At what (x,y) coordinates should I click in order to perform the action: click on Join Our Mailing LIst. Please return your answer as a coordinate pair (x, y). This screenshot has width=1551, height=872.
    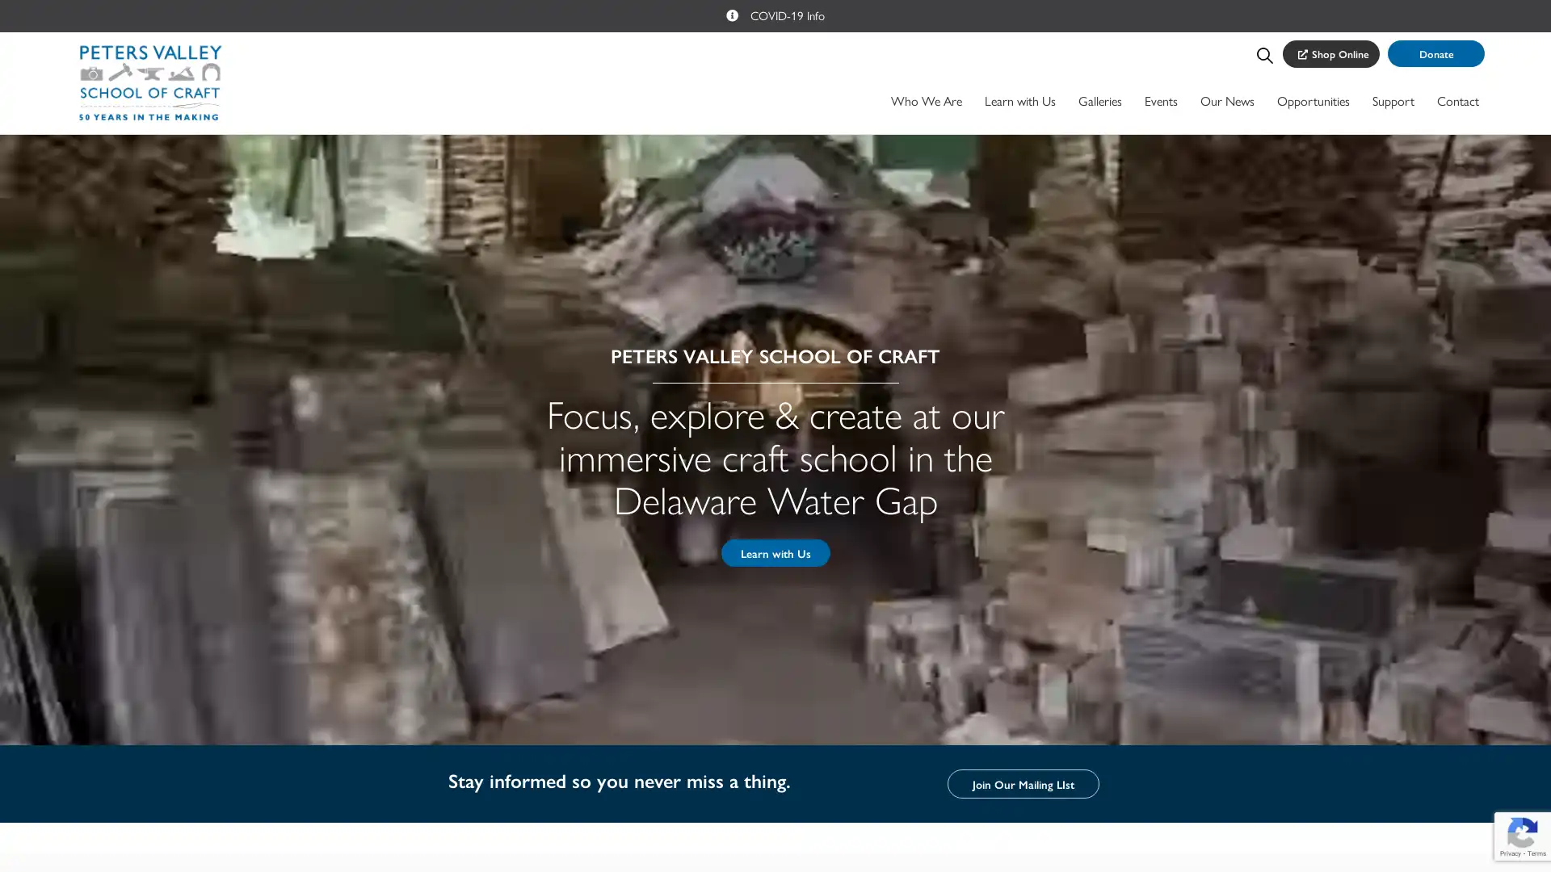
    Looking at the image, I should click on (1022, 782).